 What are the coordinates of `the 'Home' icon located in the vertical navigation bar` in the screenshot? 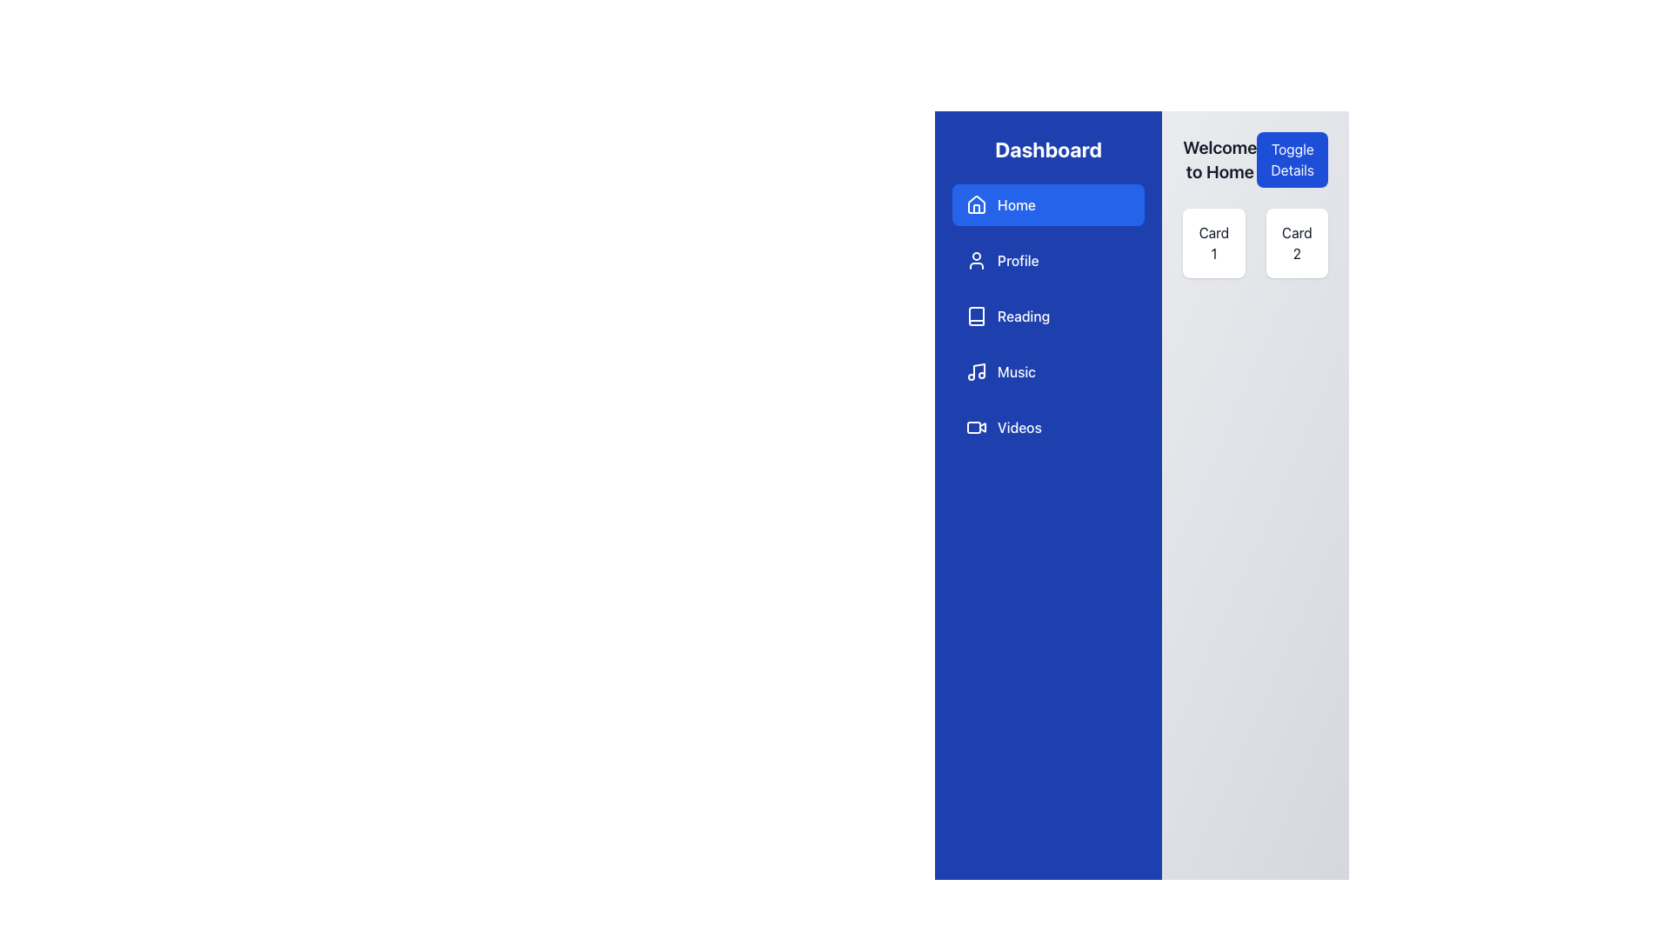 It's located at (977, 203).